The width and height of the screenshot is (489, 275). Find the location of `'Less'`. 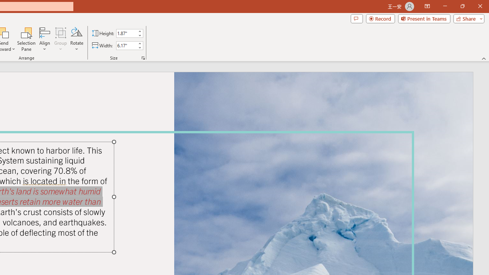

'Less' is located at coordinates (139, 47).